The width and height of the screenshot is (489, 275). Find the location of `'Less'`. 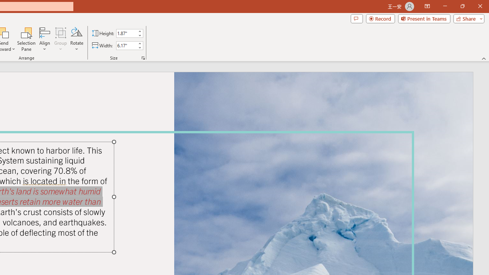

'Less' is located at coordinates (139, 47).